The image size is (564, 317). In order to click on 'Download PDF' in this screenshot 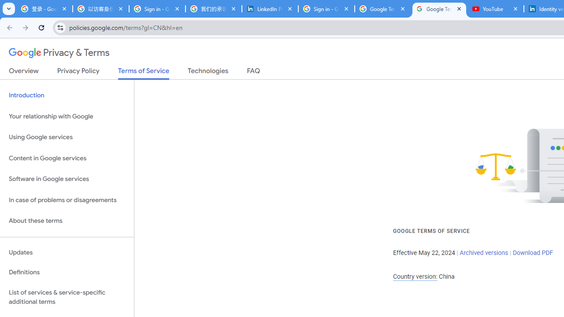, I will do `click(532, 253)`.